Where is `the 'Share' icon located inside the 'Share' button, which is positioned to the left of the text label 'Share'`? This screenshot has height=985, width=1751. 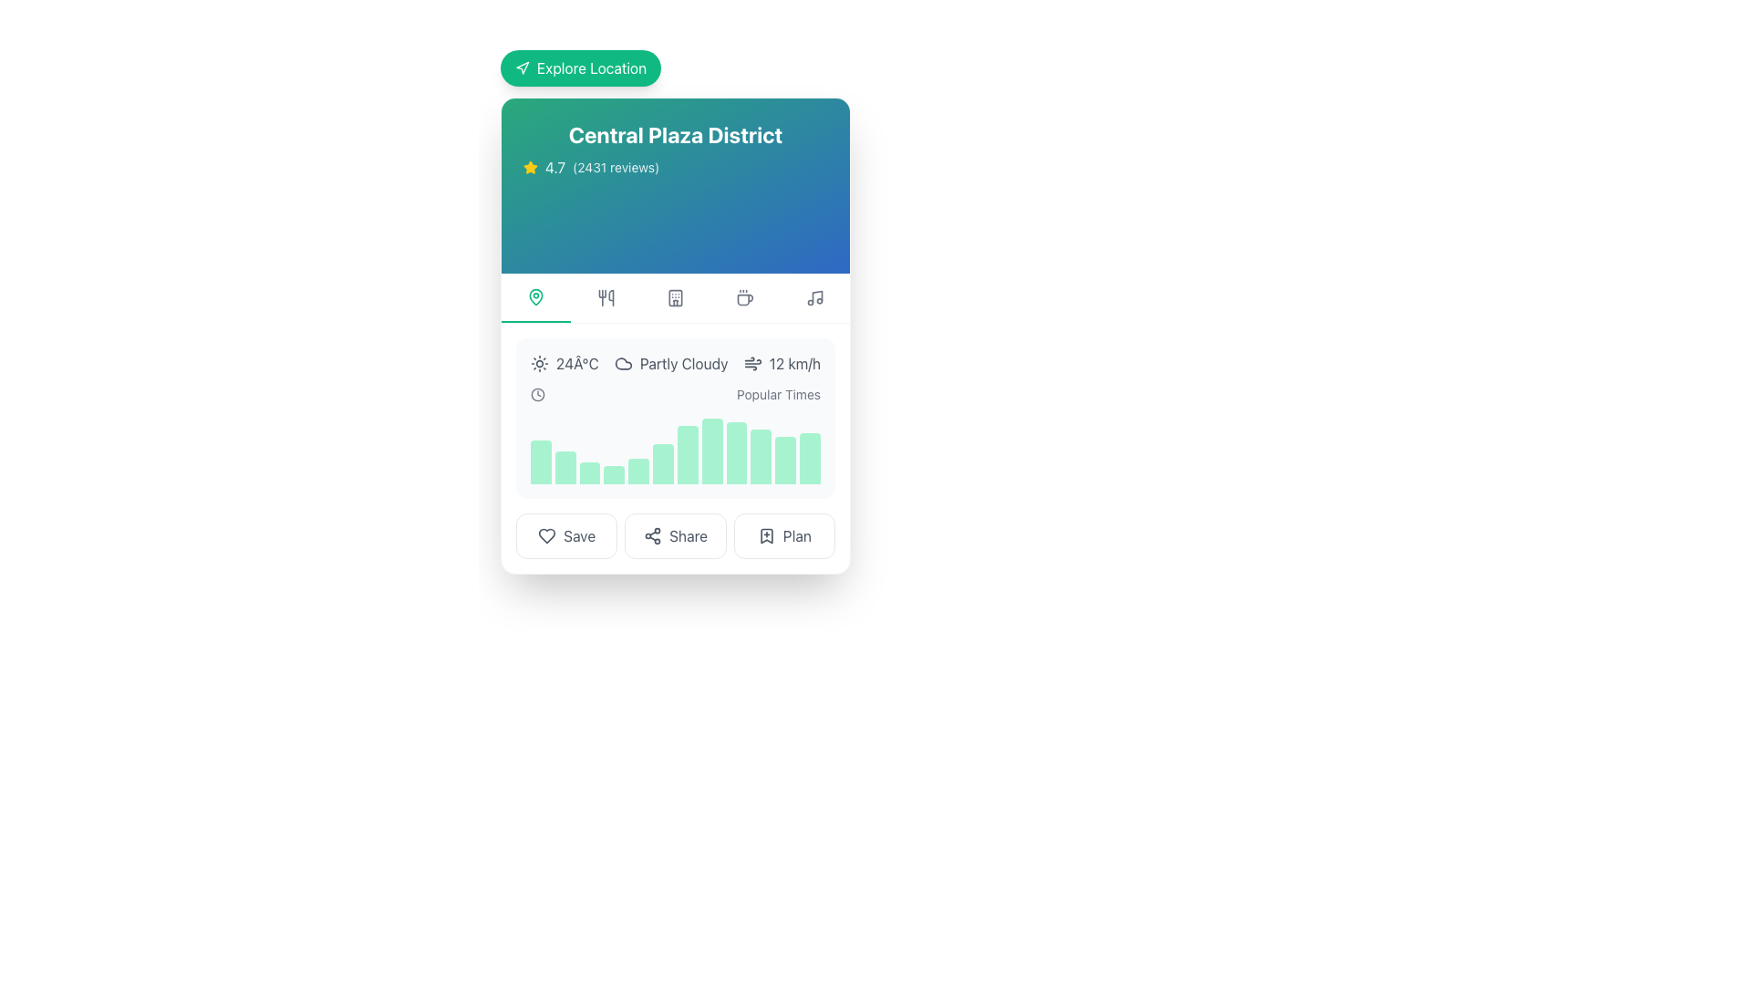
the 'Share' icon located inside the 'Share' button, which is positioned to the left of the text label 'Share' is located at coordinates (652, 534).